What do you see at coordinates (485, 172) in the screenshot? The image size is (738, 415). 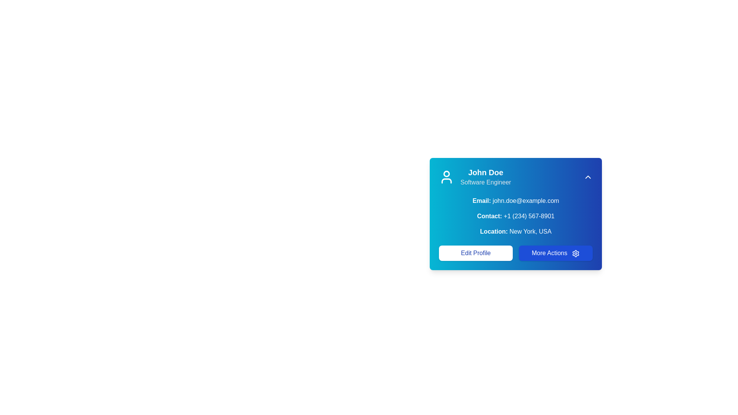 I see `the Text Label displaying the user's name, which is located in the upper section of the profile card, to the right of the circular user icon` at bounding box center [485, 172].